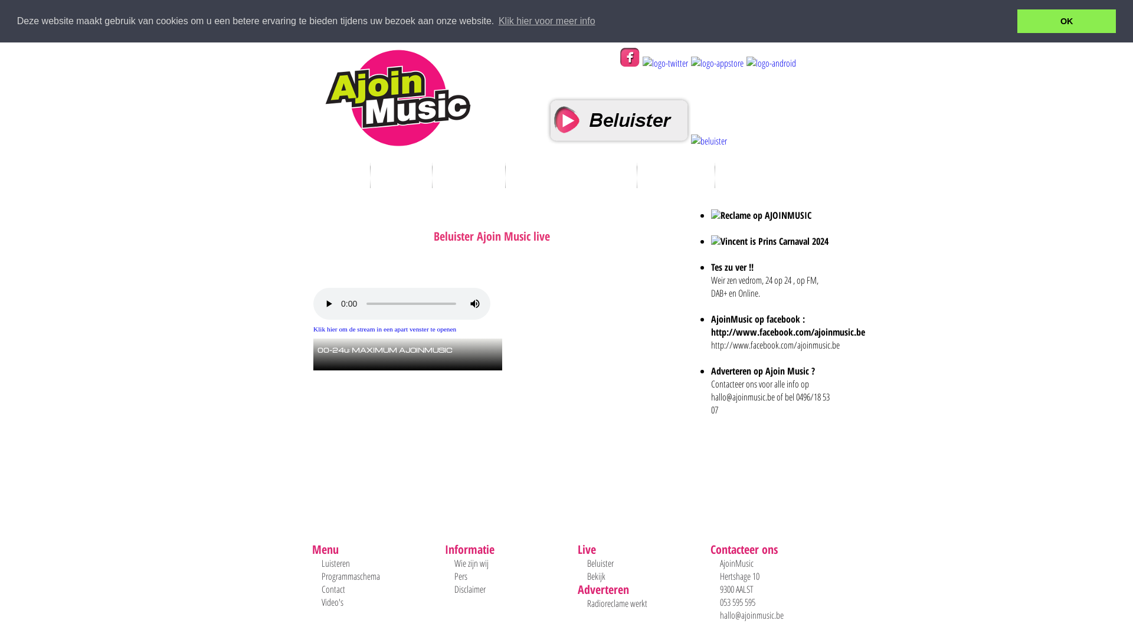 This screenshot has width=1133, height=637. What do you see at coordinates (385, 329) in the screenshot?
I see `'Klik hier om de stream in een apart venster te openen'` at bounding box center [385, 329].